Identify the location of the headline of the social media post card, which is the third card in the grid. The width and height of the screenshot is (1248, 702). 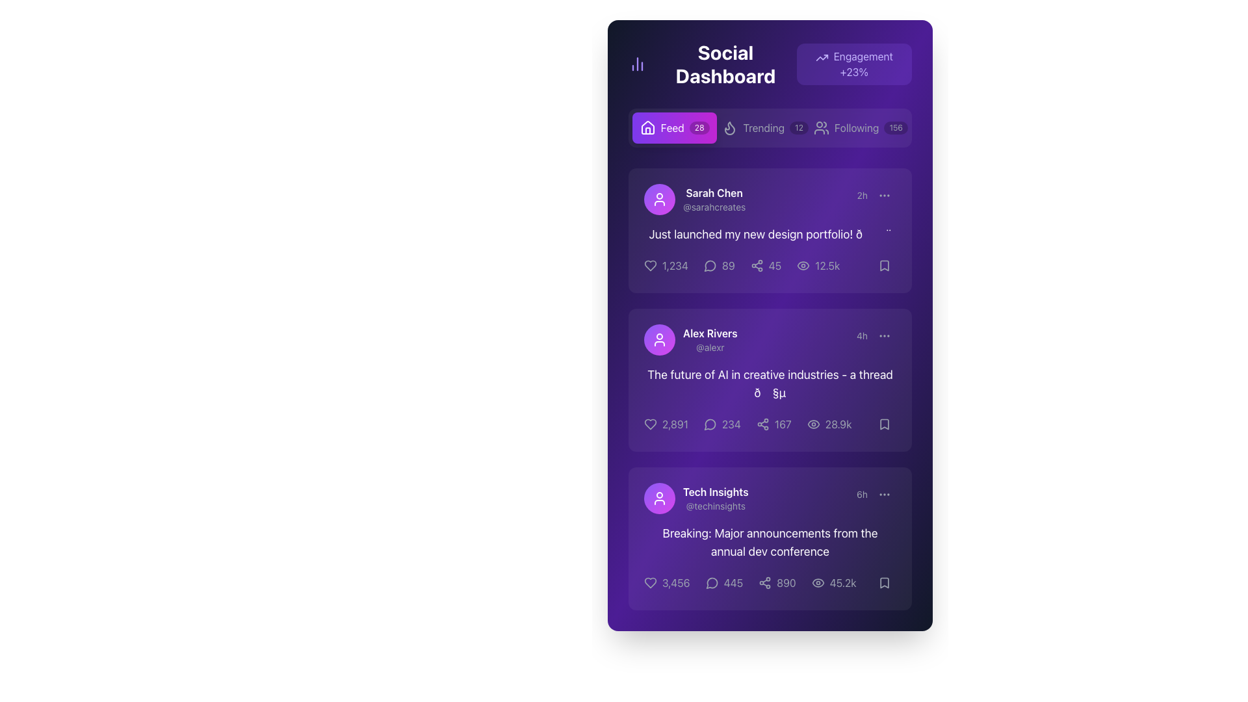
(770, 539).